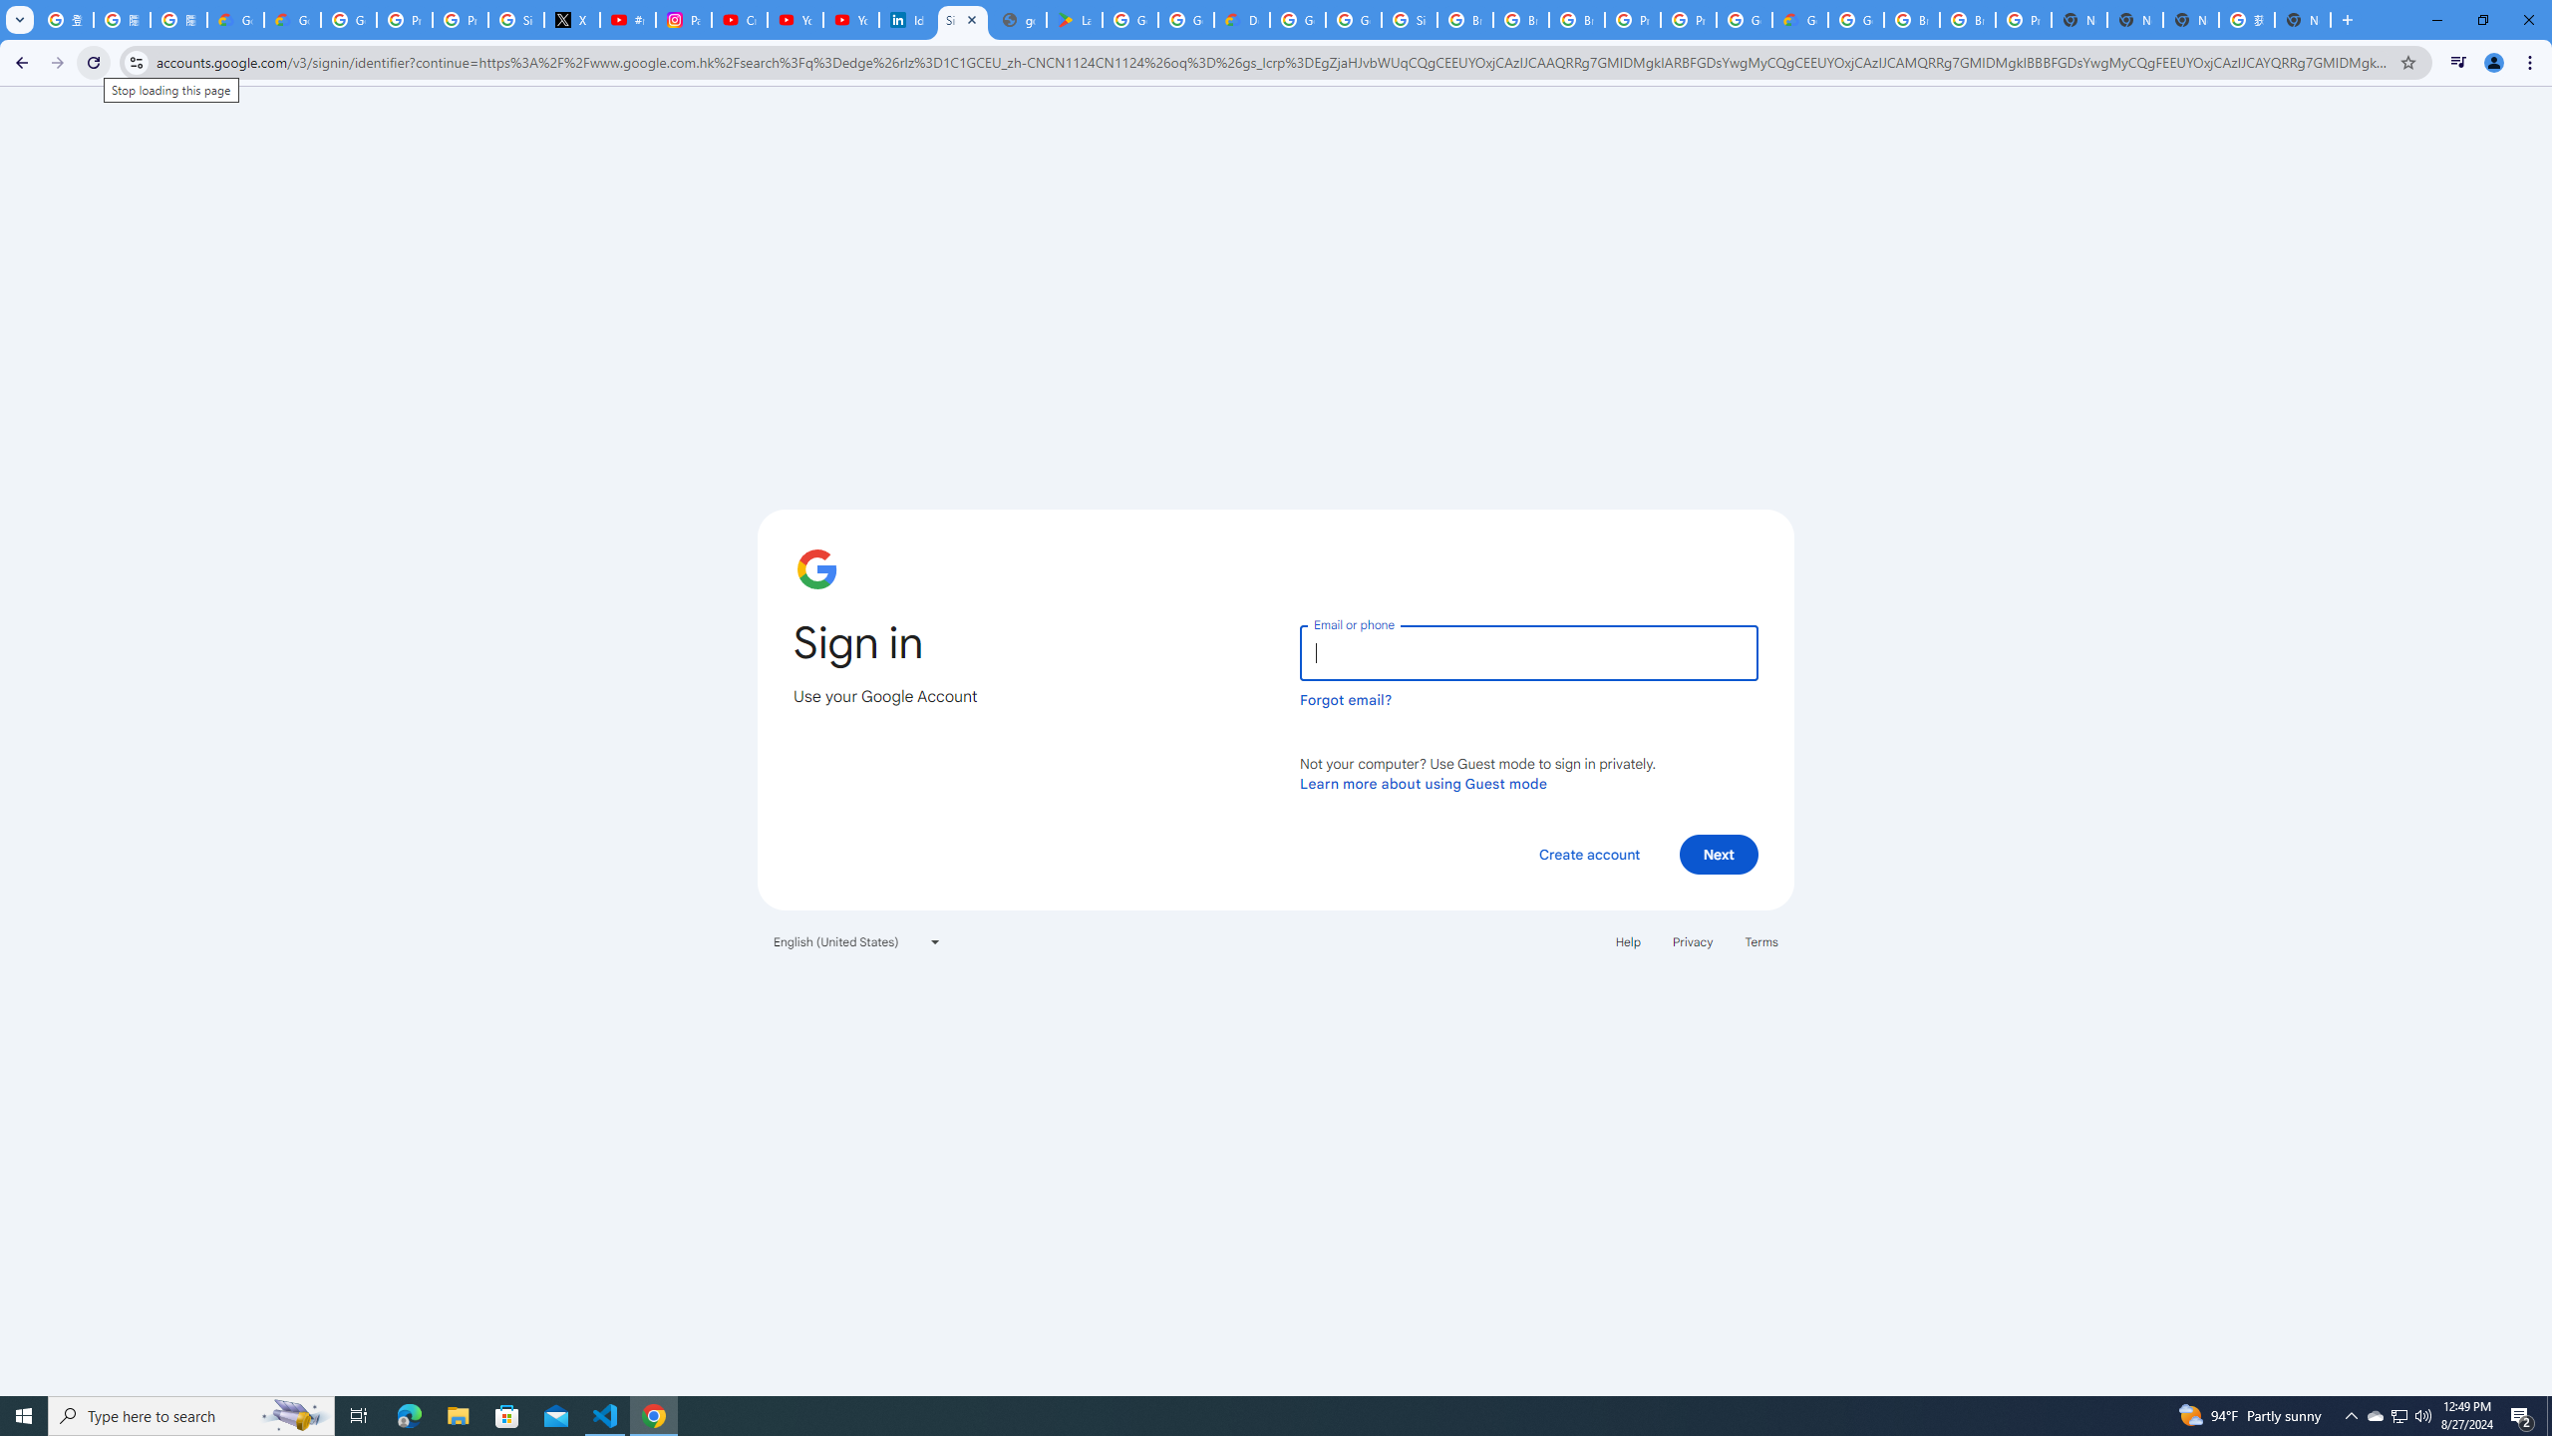 The image size is (2552, 1436). Describe the element at coordinates (403, 19) in the screenshot. I see `'Privacy Help Center - Policies Help'` at that location.